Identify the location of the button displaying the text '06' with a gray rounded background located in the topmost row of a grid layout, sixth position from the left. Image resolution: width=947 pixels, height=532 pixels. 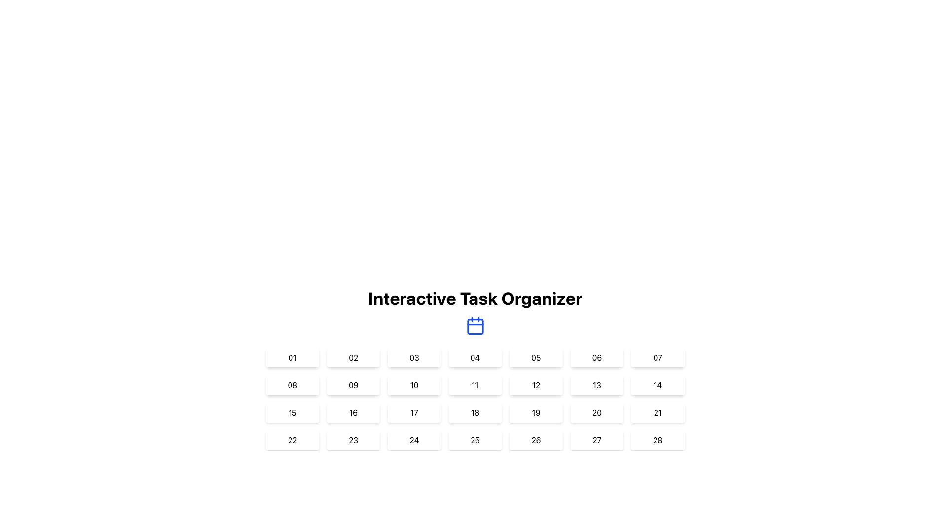
(596, 357).